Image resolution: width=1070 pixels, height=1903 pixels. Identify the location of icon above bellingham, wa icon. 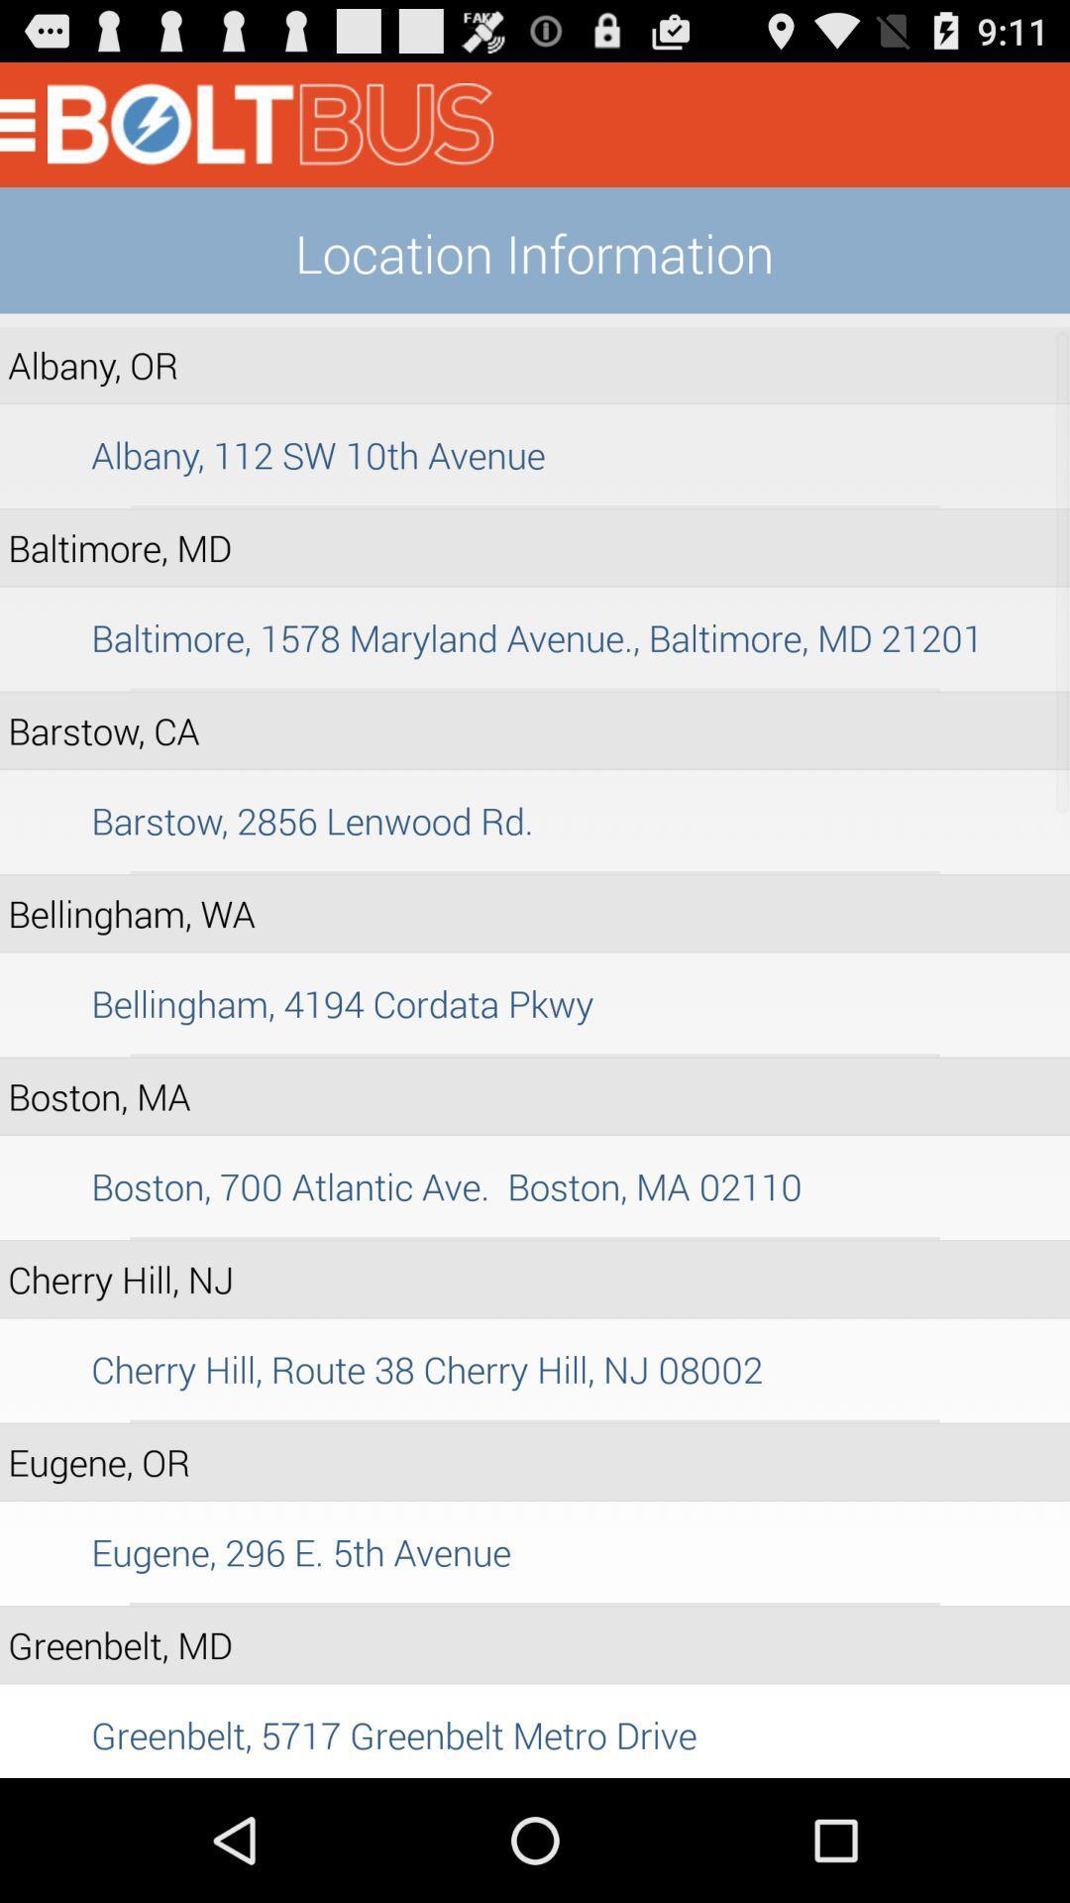
(535, 872).